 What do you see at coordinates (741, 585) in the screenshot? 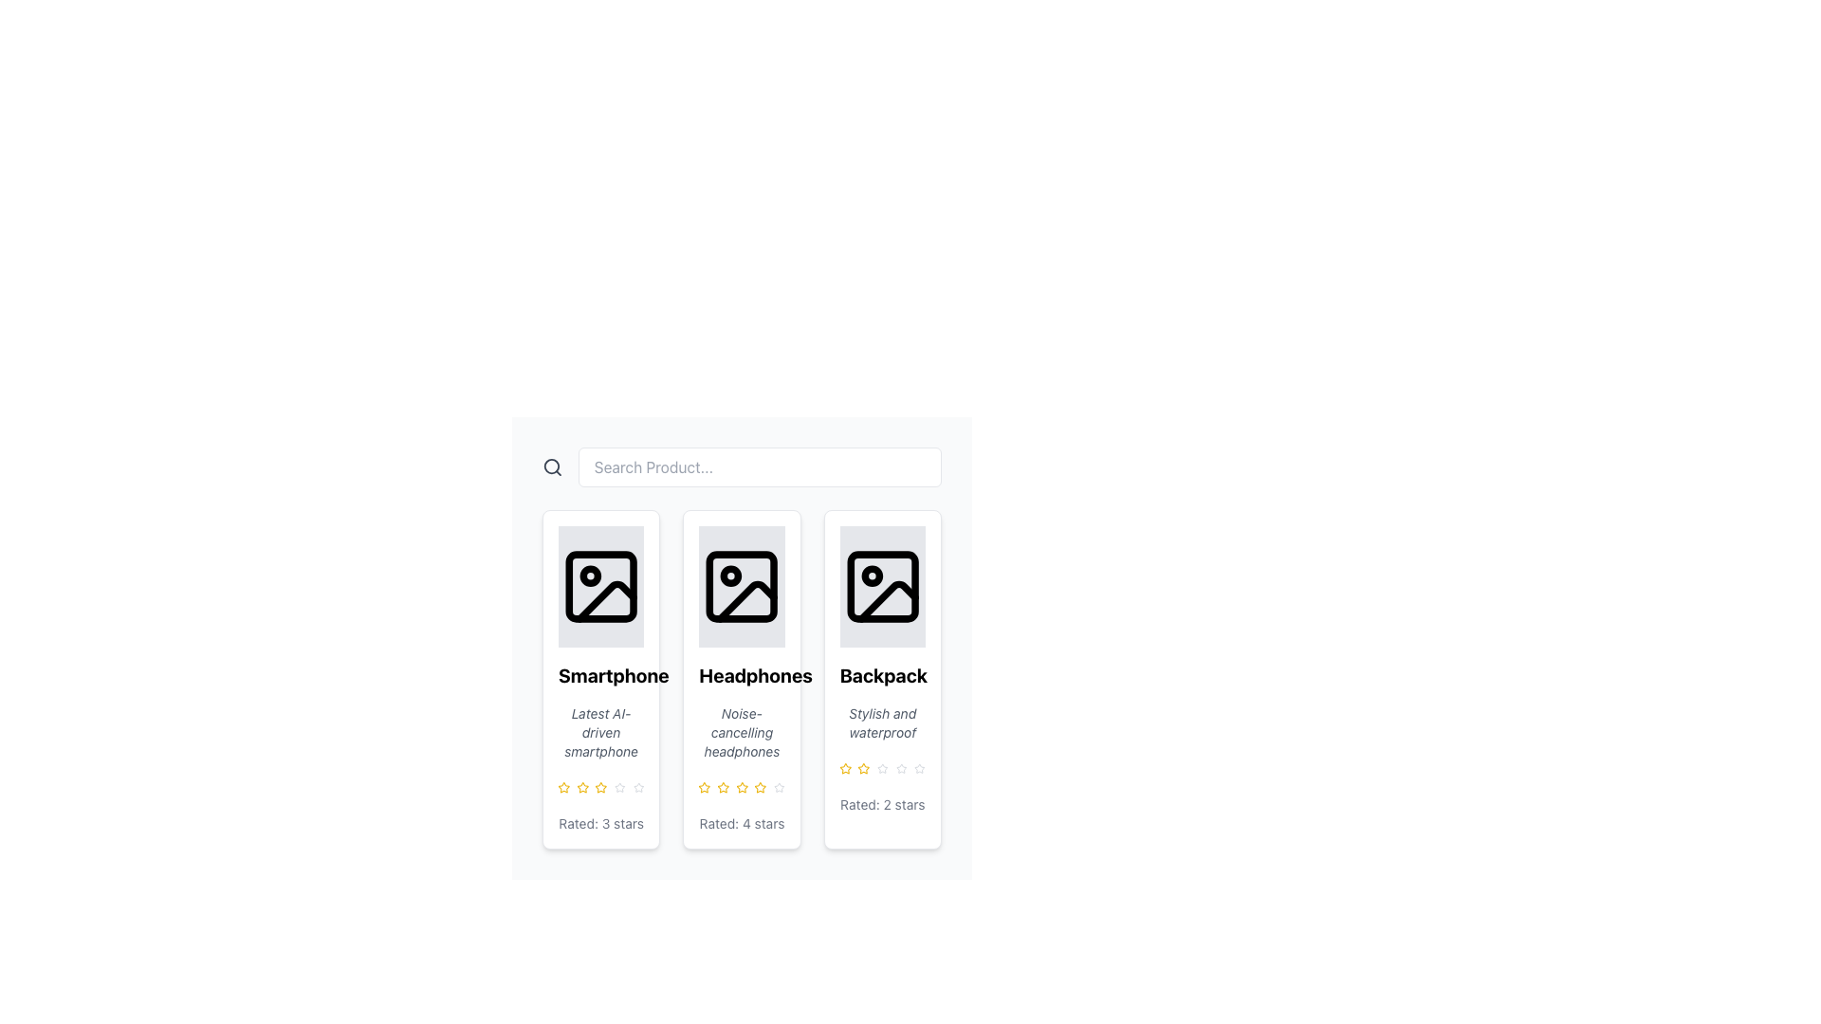
I see `the image placeholder representing the product image in the second card titled 'Headphones' for navigation` at bounding box center [741, 585].